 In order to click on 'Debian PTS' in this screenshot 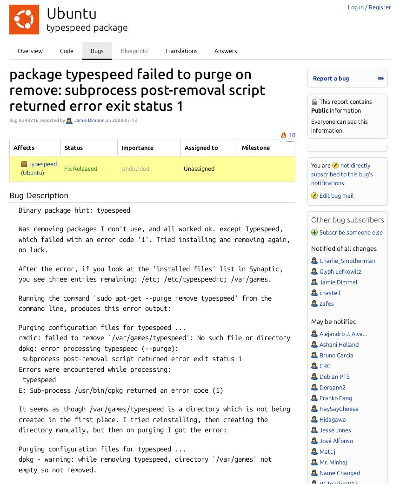, I will do `click(333, 376)`.